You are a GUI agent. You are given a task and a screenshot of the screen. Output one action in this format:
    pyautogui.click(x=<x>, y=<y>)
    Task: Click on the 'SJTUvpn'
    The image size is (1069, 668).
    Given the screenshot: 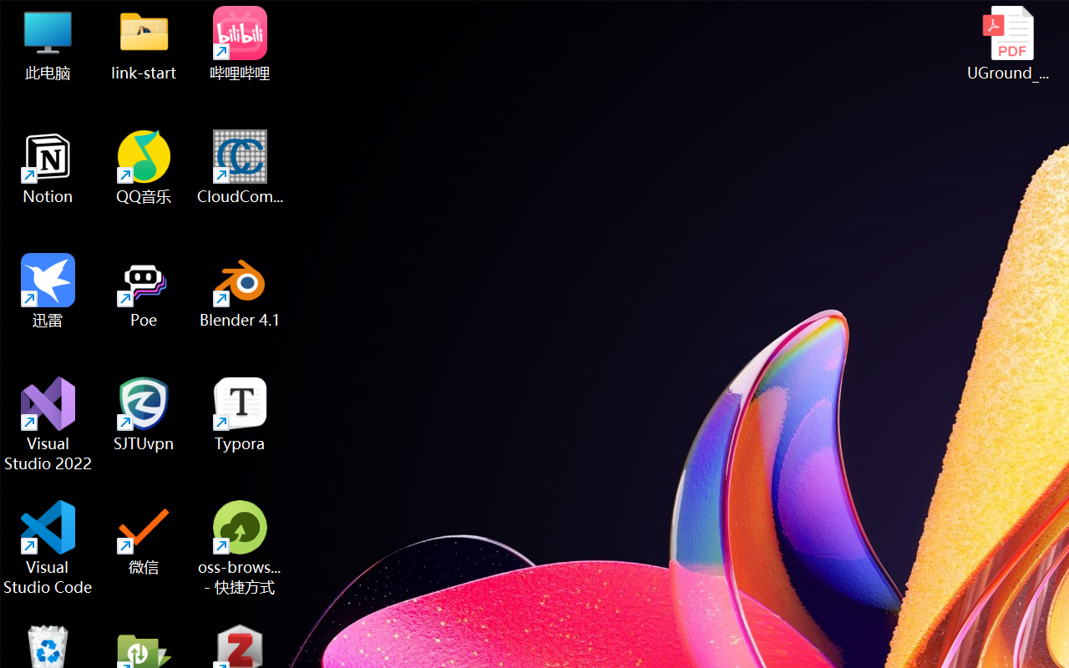 What is the action you would take?
    pyautogui.click(x=144, y=414)
    